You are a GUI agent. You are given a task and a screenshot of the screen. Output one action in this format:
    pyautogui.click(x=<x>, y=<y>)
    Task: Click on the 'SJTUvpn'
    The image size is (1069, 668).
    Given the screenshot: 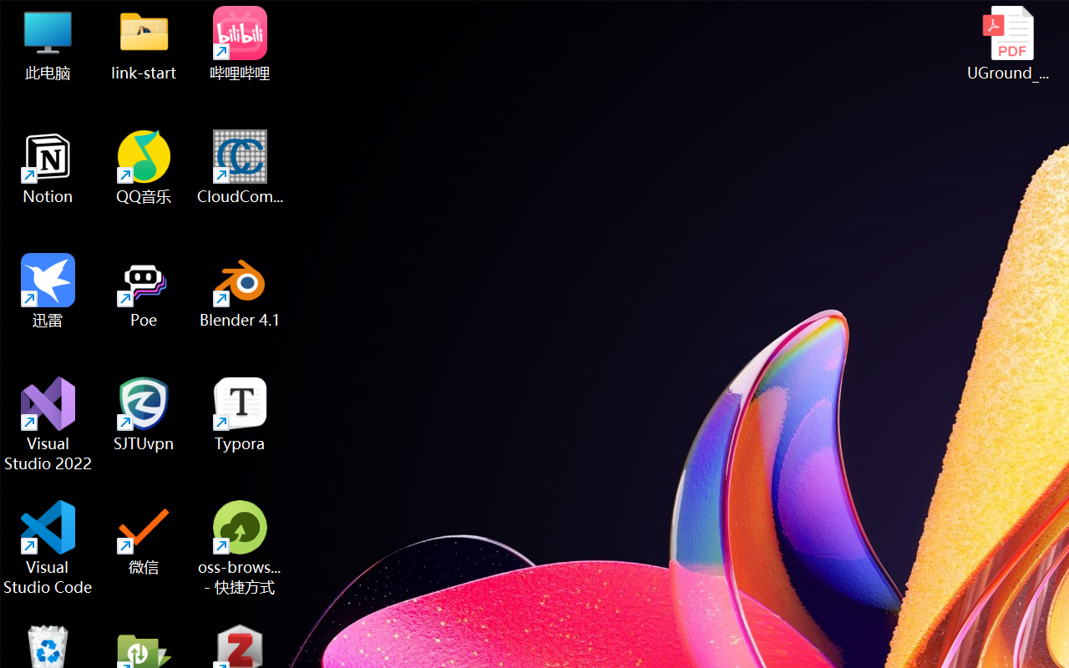 What is the action you would take?
    pyautogui.click(x=144, y=414)
    